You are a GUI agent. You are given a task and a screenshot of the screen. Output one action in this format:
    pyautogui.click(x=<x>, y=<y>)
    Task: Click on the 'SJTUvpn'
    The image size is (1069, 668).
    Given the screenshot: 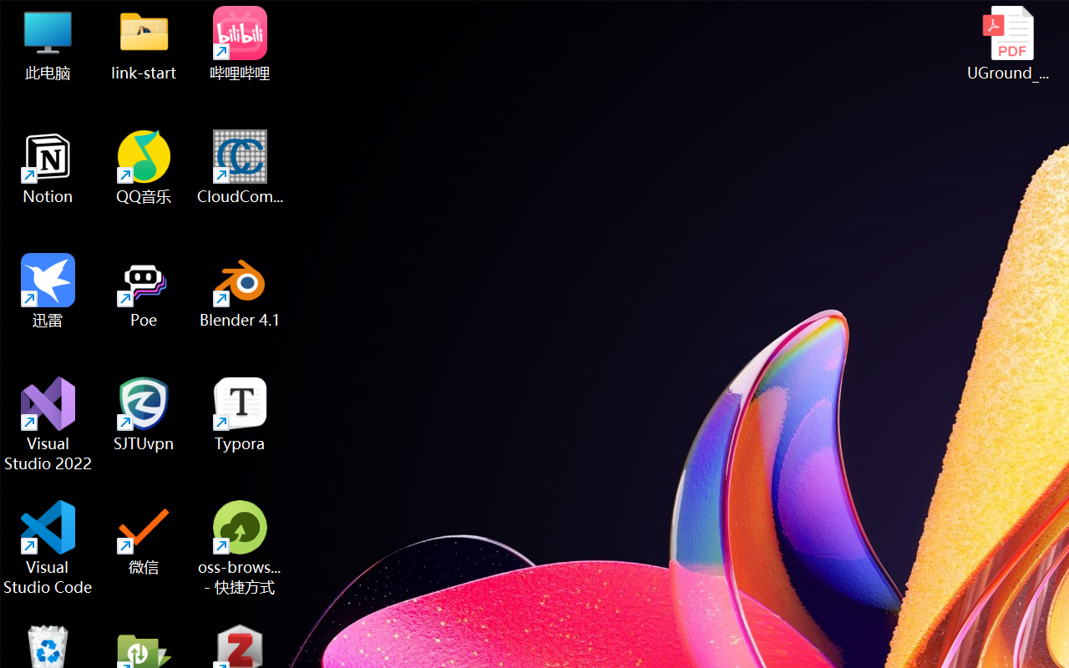 What is the action you would take?
    pyautogui.click(x=144, y=414)
    